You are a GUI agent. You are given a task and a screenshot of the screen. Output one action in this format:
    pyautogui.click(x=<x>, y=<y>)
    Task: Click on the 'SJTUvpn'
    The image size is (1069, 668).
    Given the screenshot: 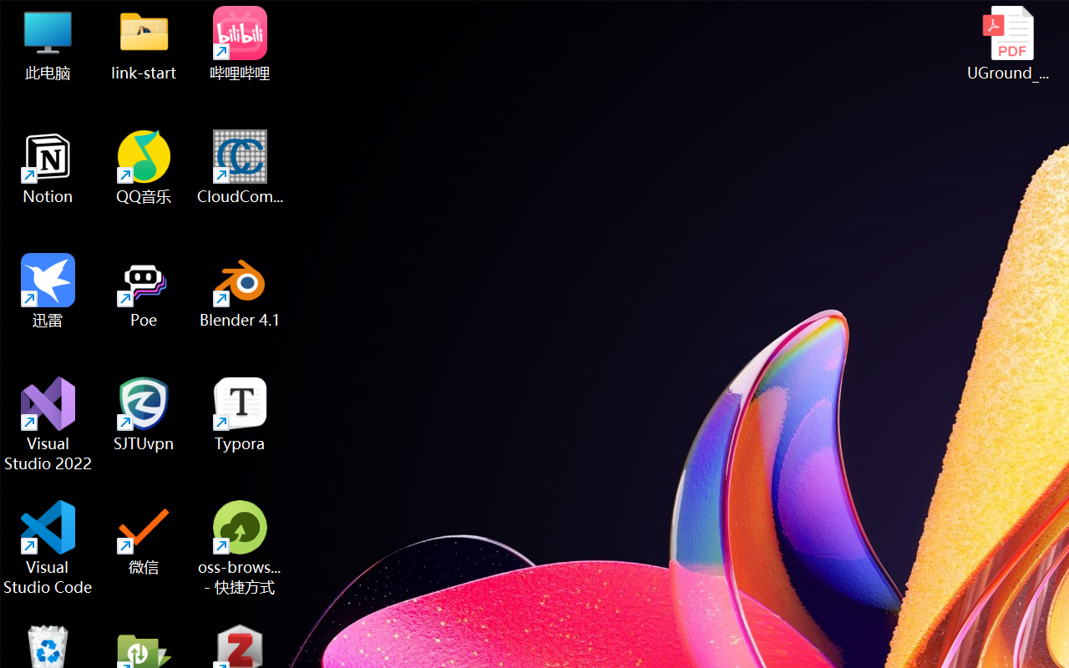 What is the action you would take?
    pyautogui.click(x=144, y=414)
    